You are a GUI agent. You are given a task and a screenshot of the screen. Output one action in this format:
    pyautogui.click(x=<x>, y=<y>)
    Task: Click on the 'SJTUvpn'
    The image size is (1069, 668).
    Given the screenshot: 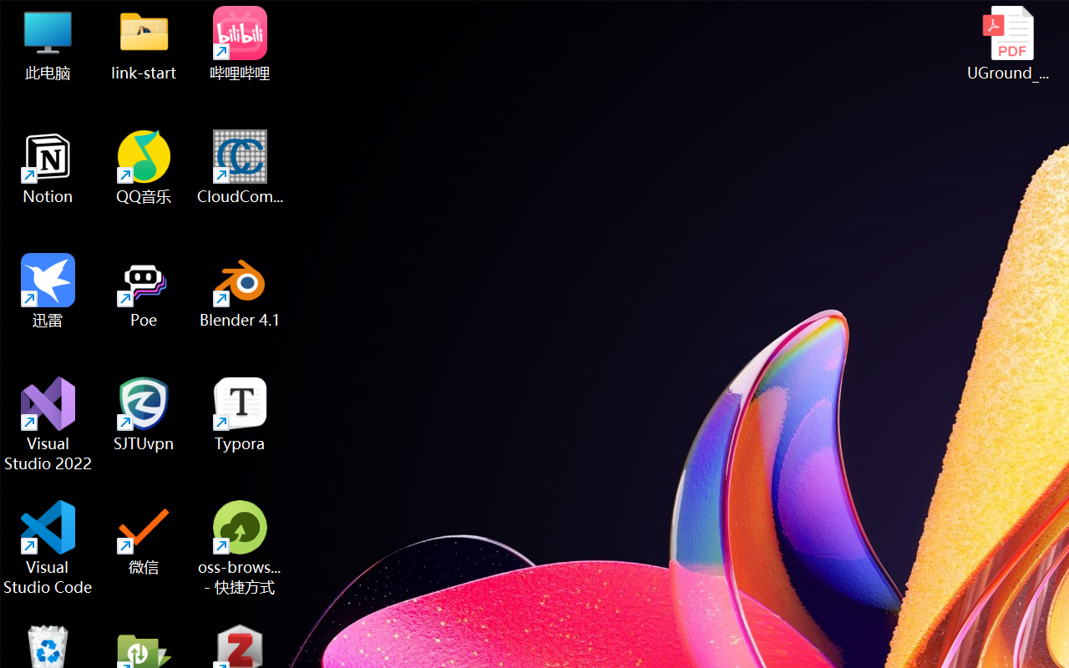 What is the action you would take?
    pyautogui.click(x=144, y=414)
    